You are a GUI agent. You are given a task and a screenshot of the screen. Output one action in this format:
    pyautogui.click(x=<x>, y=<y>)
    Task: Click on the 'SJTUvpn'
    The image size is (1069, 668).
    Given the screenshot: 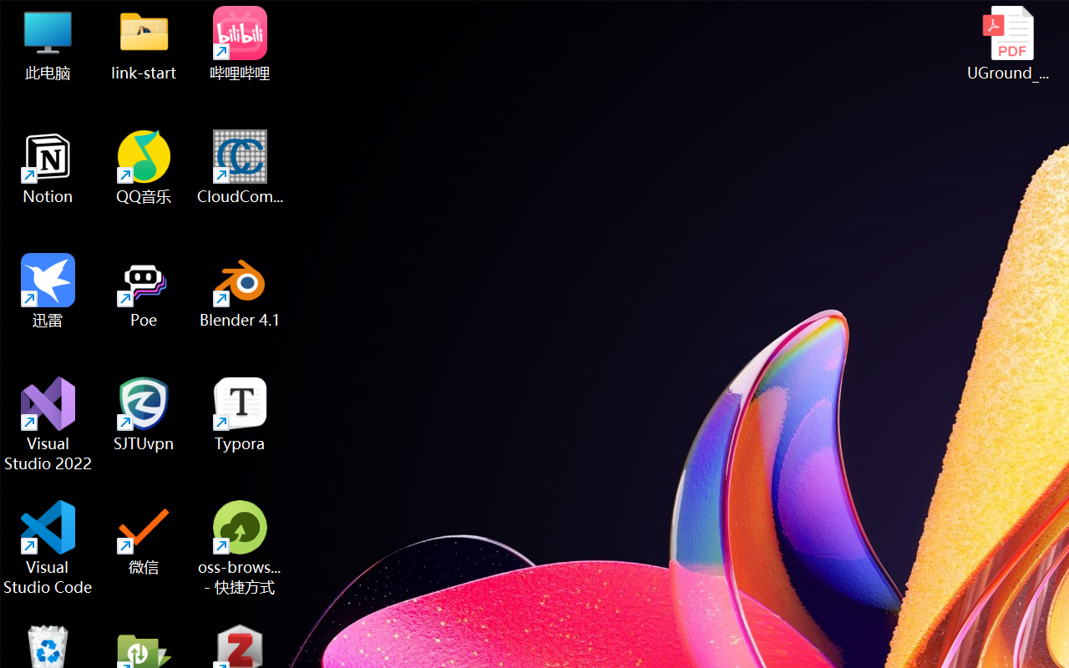 What is the action you would take?
    pyautogui.click(x=144, y=414)
    